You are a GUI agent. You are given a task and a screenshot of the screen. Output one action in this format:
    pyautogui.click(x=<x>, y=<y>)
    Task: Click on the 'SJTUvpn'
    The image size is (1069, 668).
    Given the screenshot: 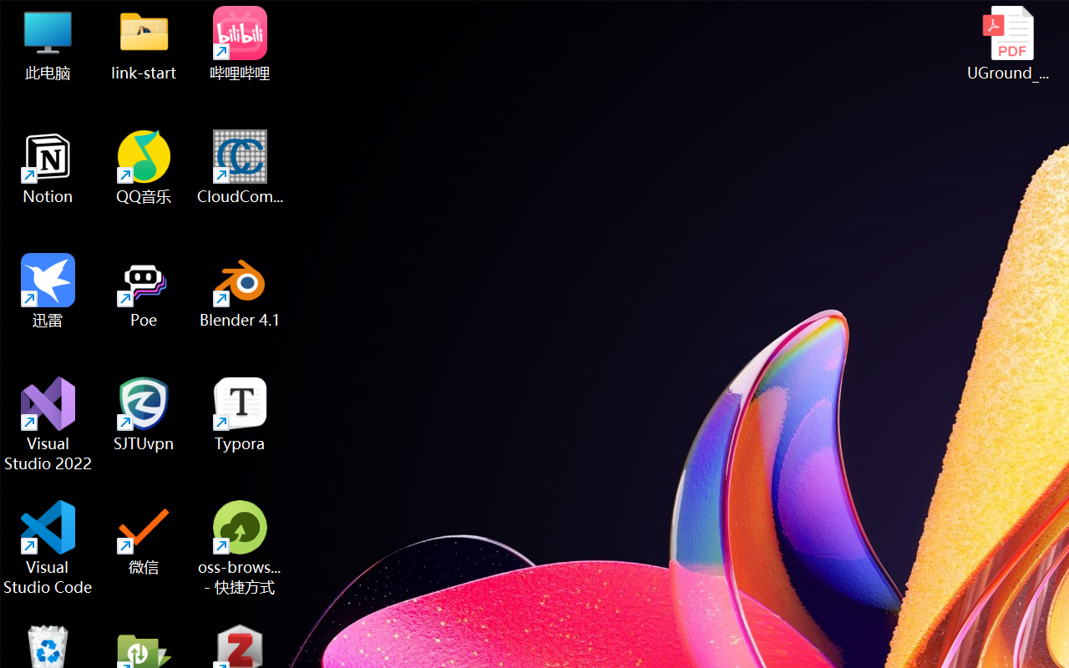 What is the action you would take?
    pyautogui.click(x=144, y=414)
    